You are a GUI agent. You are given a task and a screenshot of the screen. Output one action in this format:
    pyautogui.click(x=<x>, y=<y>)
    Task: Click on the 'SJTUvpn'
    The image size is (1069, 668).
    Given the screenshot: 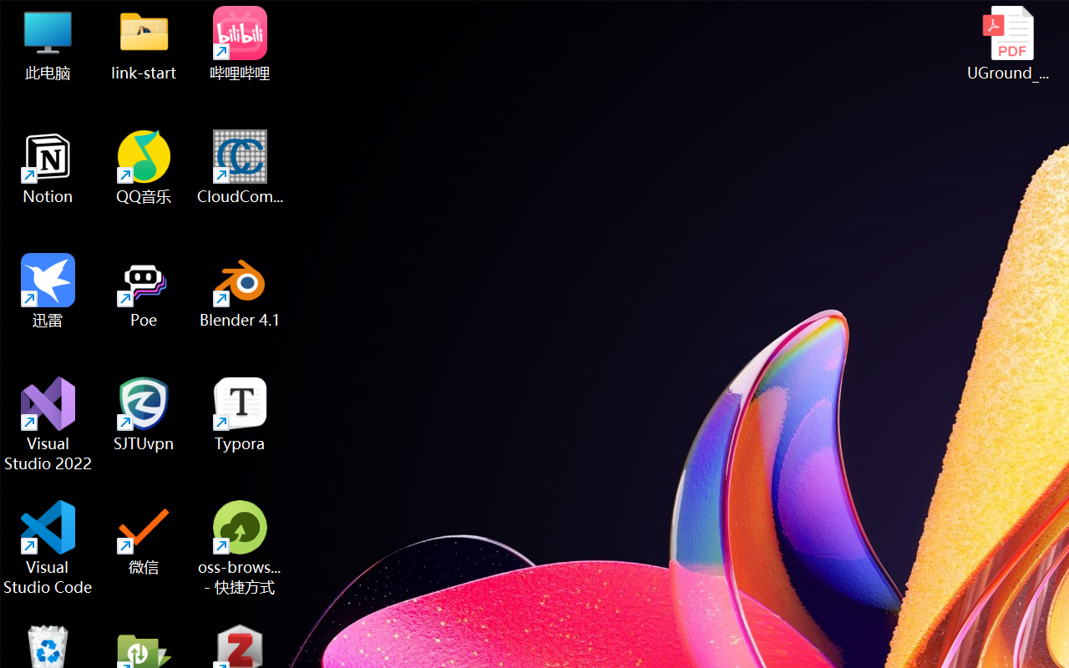 What is the action you would take?
    pyautogui.click(x=144, y=414)
    